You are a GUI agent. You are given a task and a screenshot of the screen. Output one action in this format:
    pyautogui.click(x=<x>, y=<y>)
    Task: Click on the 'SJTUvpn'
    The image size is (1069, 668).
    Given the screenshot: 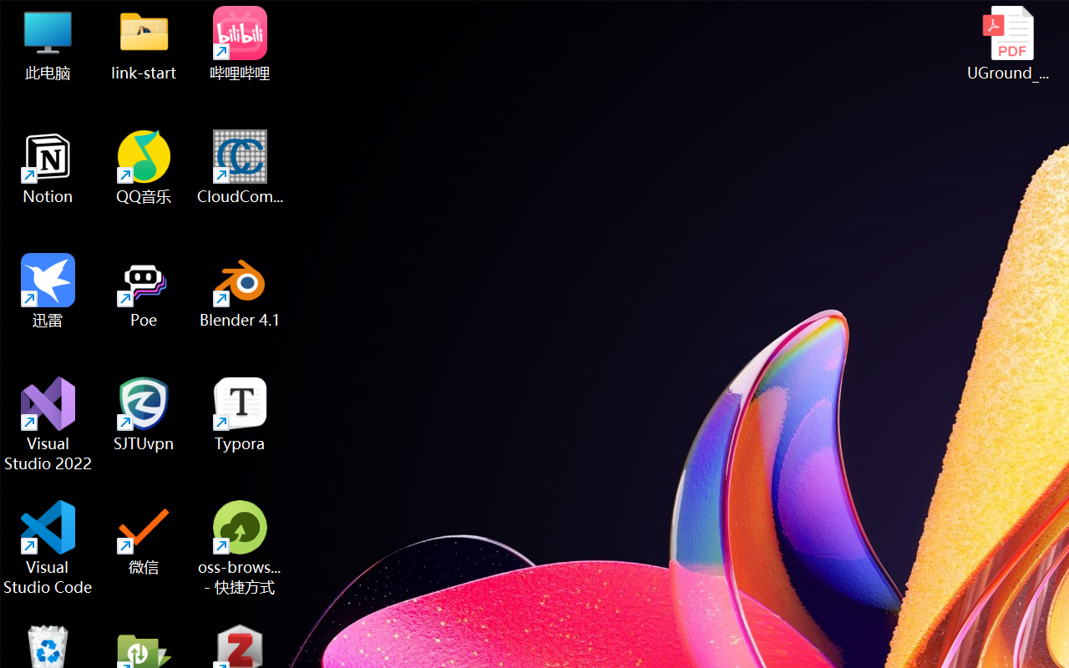 What is the action you would take?
    pyautogui.click(x=144, y=414)
    